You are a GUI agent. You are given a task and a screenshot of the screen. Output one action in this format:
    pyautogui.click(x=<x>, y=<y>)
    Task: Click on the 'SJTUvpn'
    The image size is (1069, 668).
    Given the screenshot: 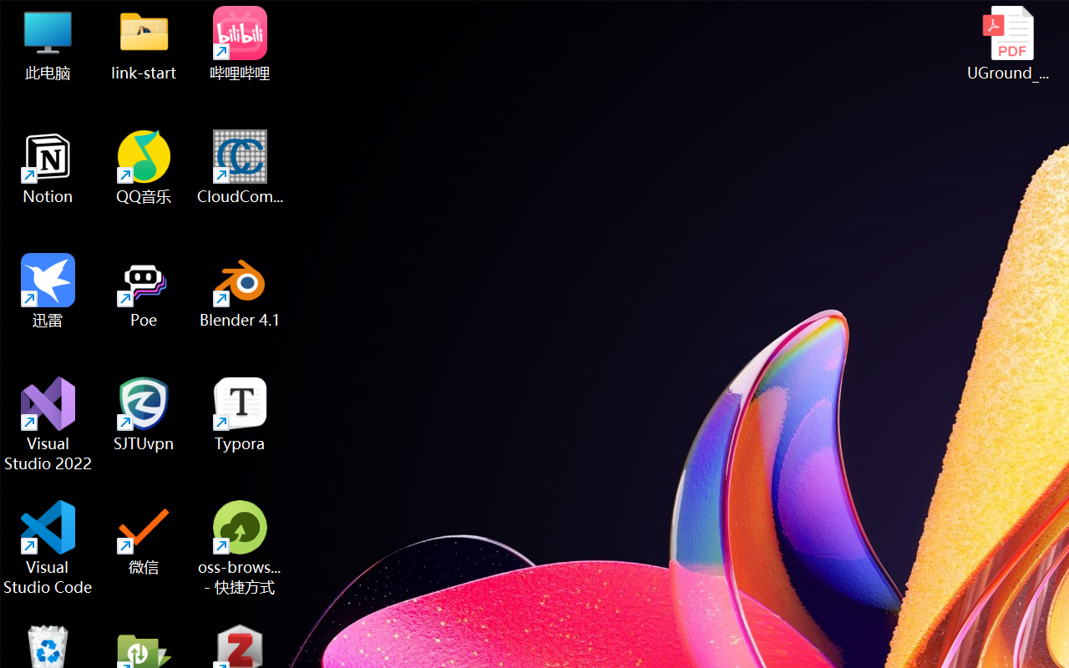 What is the action you would take?
    pyautogui.click(x=144, y=414)
    